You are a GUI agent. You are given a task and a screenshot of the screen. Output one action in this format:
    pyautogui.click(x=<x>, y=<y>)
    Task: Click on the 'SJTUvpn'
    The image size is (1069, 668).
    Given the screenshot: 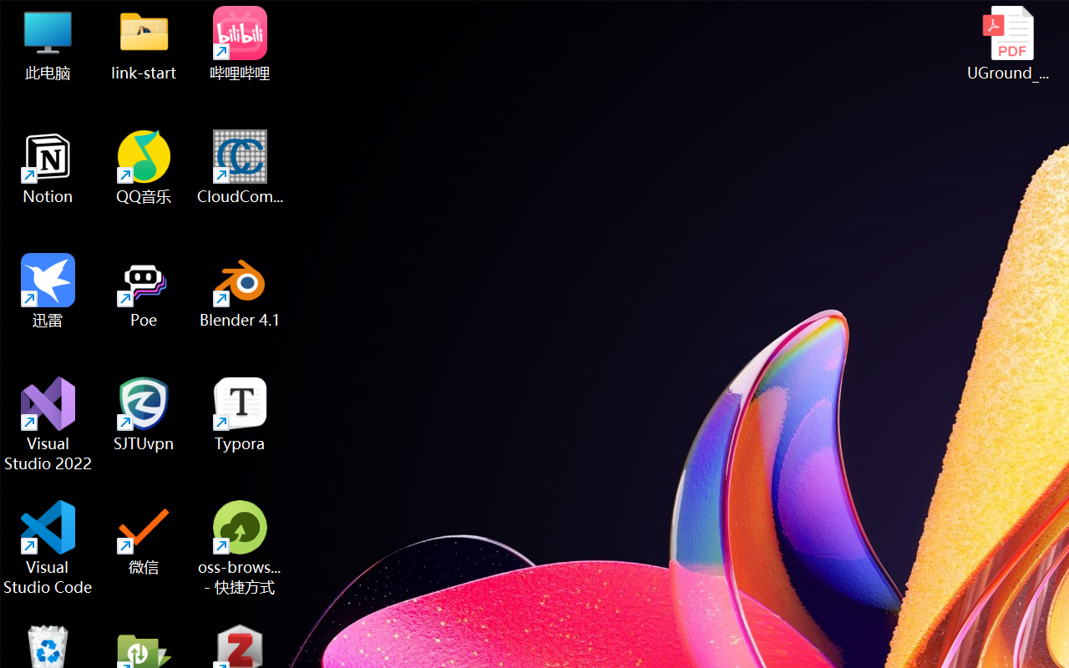 What is the action you would take?
    pyautogui.click(x=144, y=414)
    